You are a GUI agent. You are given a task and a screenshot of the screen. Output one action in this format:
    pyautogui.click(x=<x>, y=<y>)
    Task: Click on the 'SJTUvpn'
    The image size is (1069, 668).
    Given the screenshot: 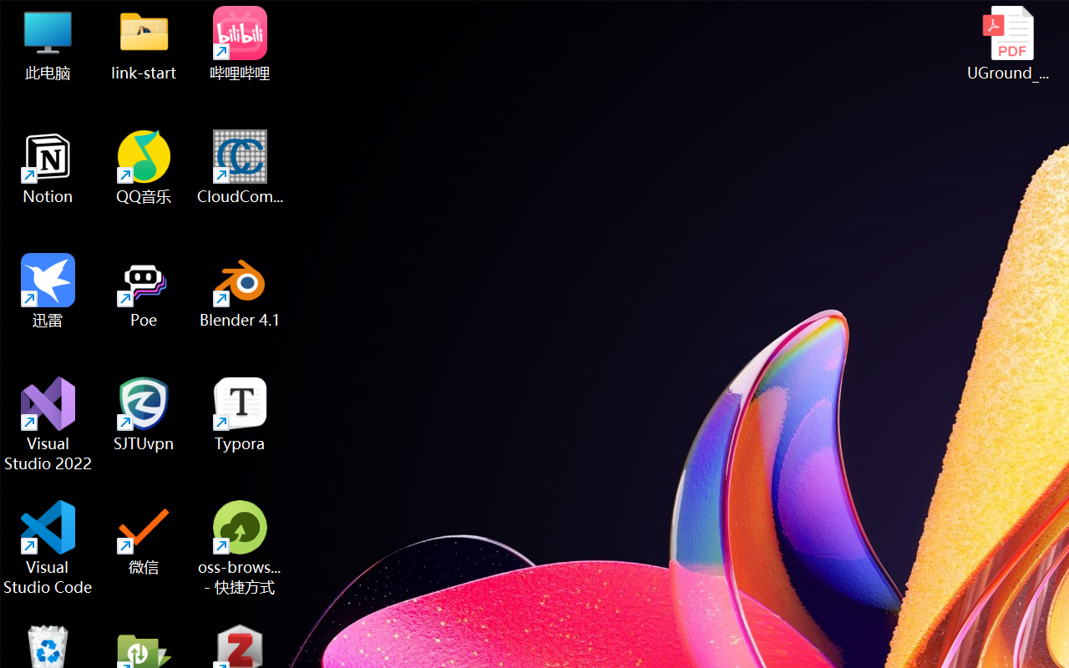 What is the action you would take?
    pyautogui.click(x=144, y=414)
    